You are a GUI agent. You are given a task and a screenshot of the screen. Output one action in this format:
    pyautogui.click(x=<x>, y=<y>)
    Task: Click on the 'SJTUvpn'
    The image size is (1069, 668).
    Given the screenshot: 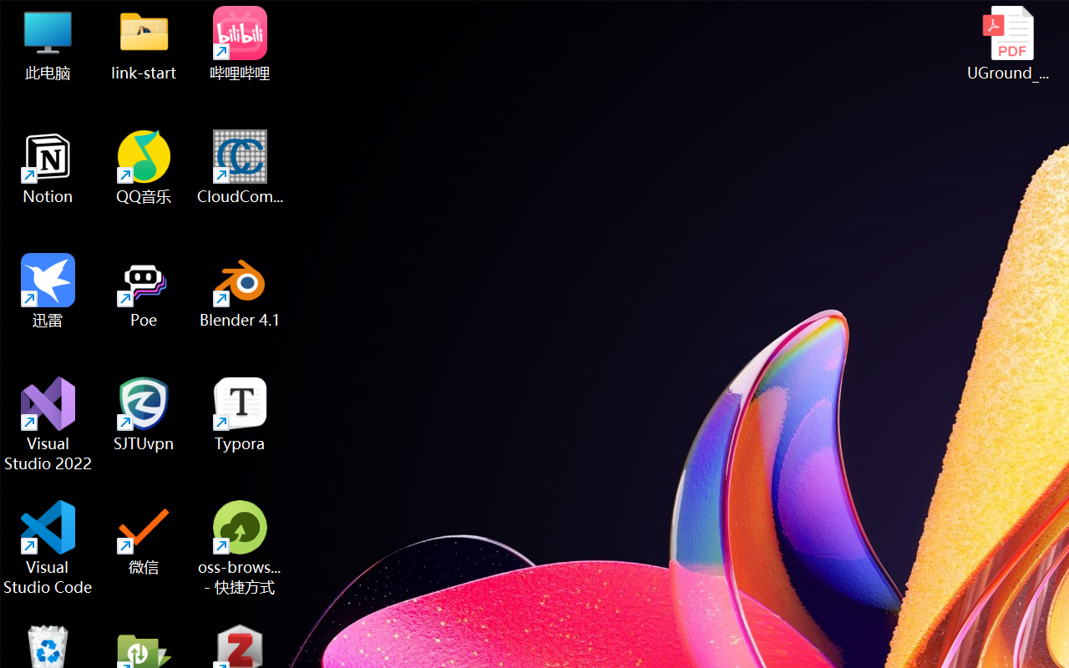 What is the action you would take?
    pyautogui.click(x=144, y=414)
    